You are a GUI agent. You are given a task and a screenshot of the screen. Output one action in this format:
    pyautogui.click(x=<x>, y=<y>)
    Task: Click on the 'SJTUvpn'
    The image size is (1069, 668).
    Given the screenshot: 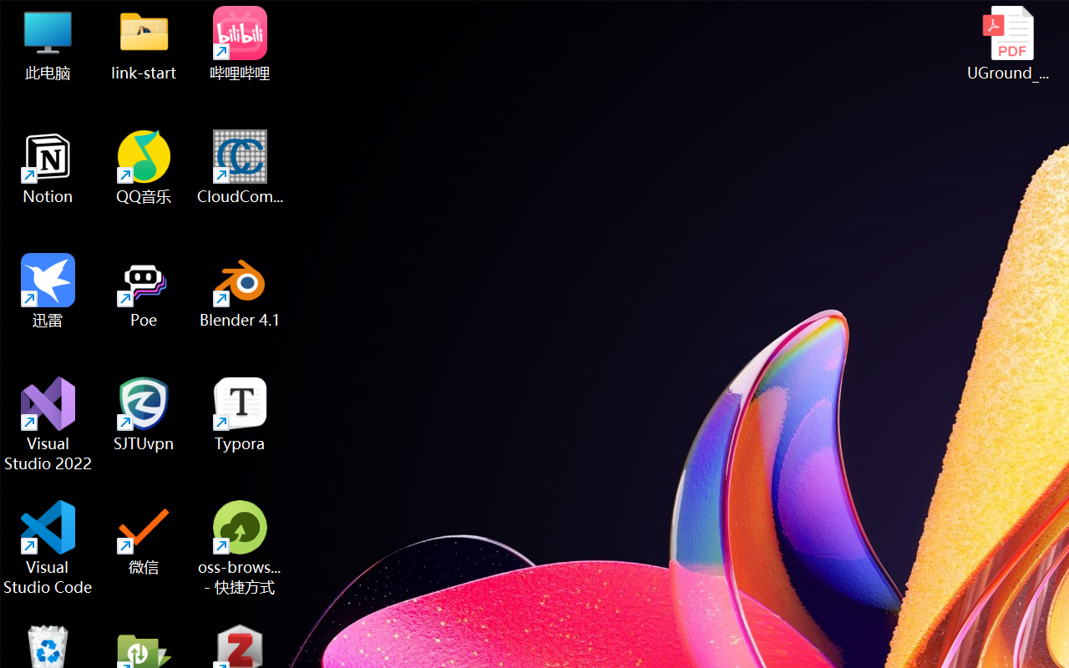 What is the action you would take?
    pyautogui.click(x=144, y=414)
    